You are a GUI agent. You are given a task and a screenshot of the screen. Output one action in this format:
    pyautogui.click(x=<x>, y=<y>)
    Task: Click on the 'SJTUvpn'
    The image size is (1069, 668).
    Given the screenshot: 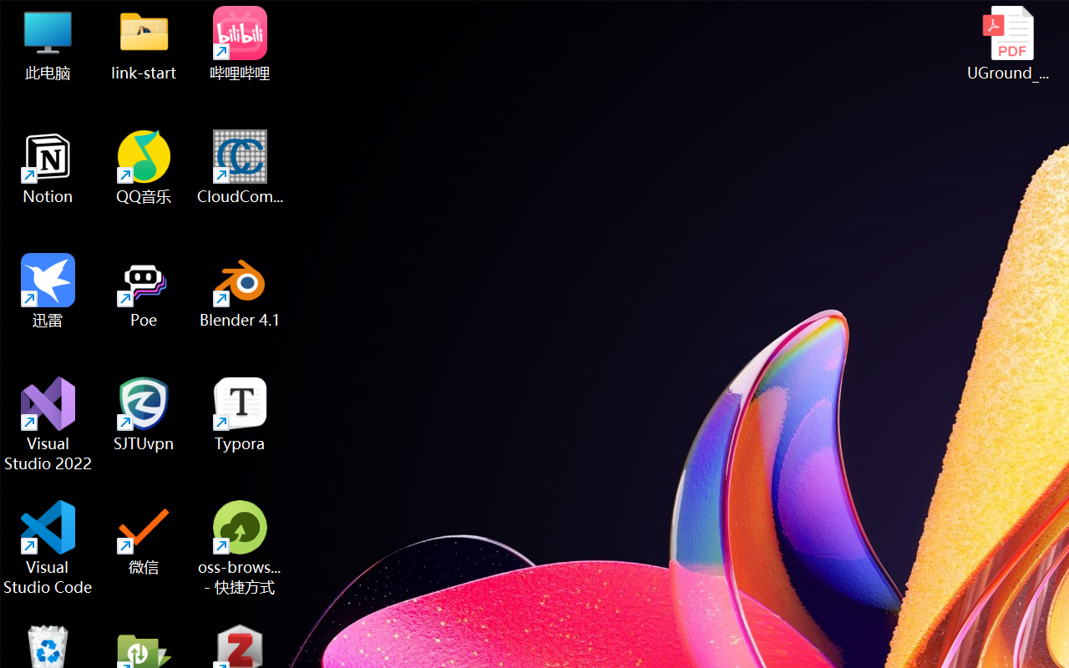 What is the action you would take?
    pyautogui.click(x=144, y=414)
    